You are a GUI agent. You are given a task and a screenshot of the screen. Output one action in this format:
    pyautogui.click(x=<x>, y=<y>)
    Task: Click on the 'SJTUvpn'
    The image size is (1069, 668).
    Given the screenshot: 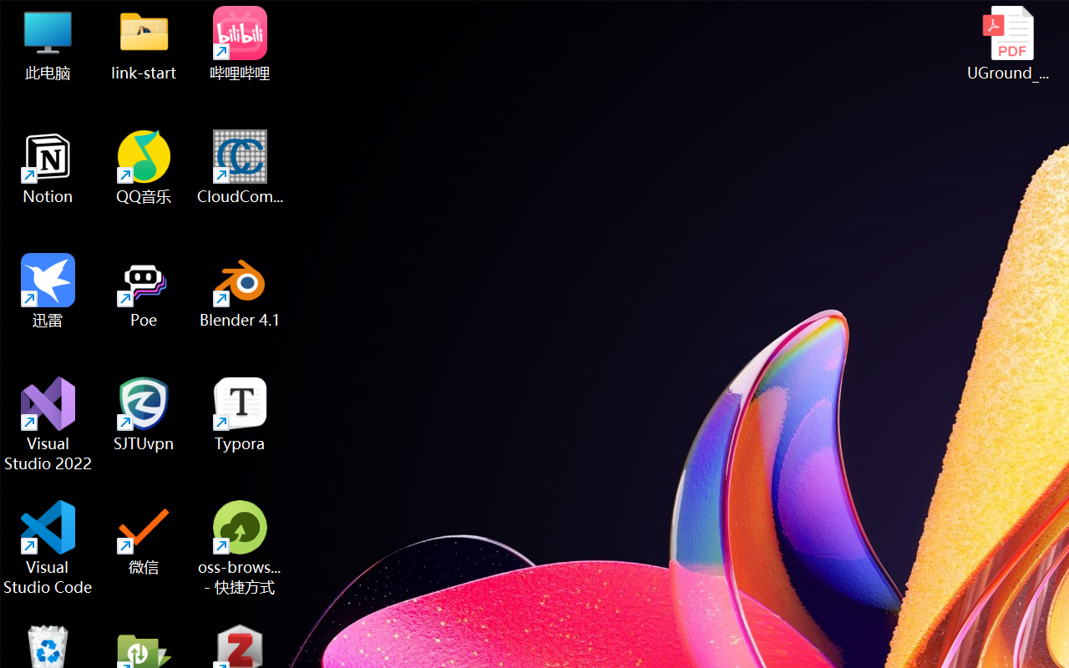 What is the action you would take?
    pyautogui.click(x=144, y=414)
    